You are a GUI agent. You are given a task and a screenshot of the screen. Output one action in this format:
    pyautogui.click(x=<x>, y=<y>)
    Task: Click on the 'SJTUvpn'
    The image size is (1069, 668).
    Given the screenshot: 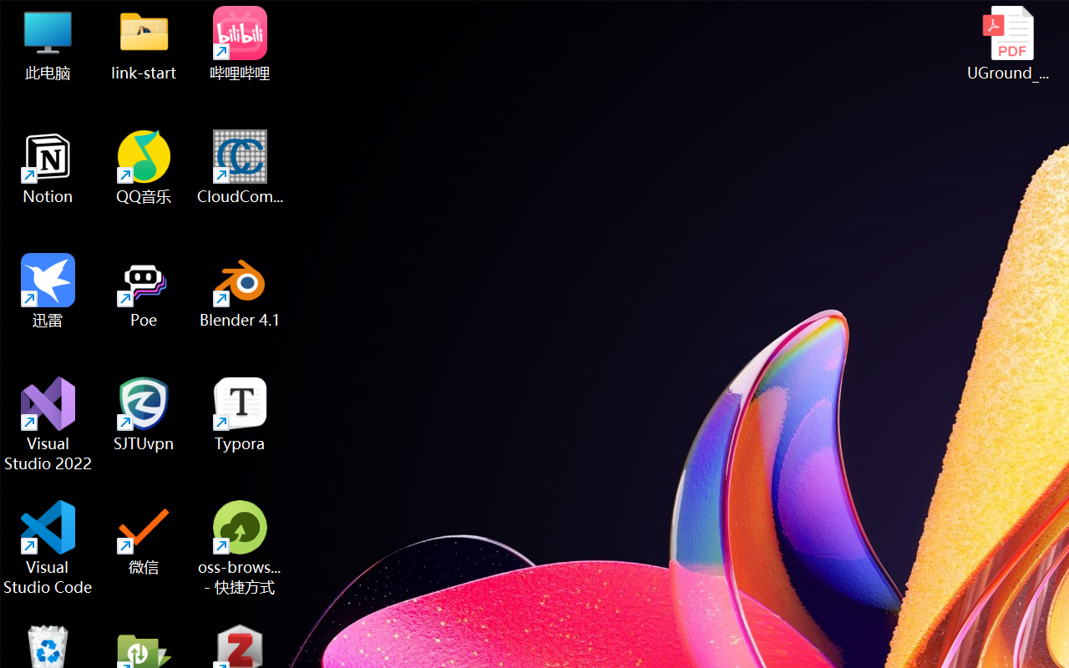 What is the action you would take?
    pyautogui.click(x=144, y=414)
    